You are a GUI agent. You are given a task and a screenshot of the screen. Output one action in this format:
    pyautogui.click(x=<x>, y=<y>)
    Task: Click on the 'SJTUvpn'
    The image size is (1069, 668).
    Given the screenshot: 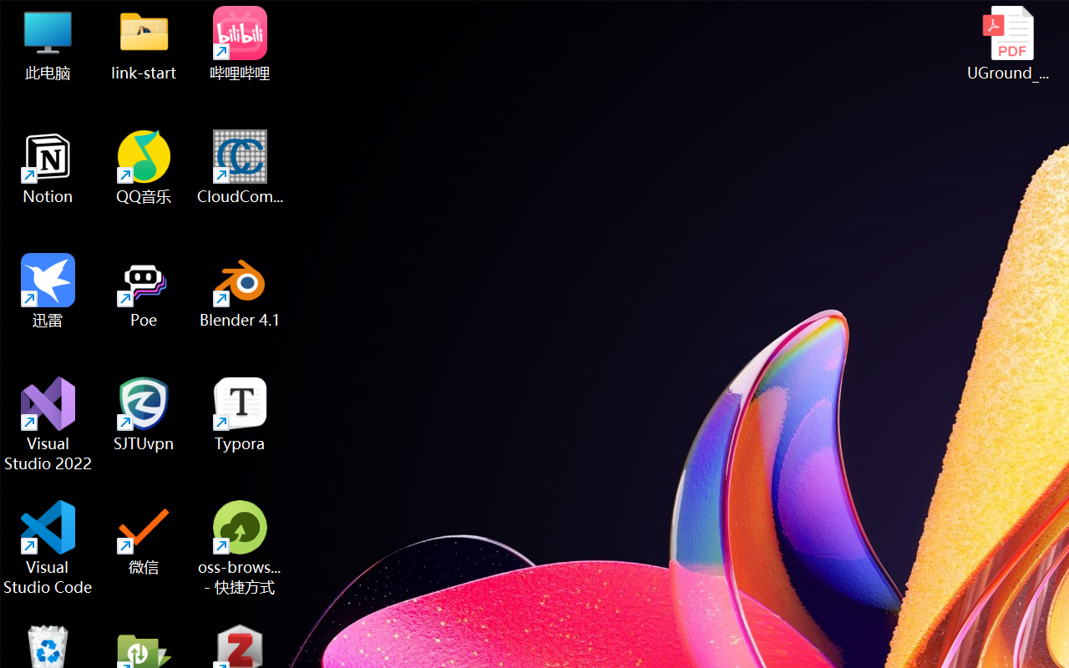 What is the action you would take?
    pyautogui.click(x=144, y=414)
    